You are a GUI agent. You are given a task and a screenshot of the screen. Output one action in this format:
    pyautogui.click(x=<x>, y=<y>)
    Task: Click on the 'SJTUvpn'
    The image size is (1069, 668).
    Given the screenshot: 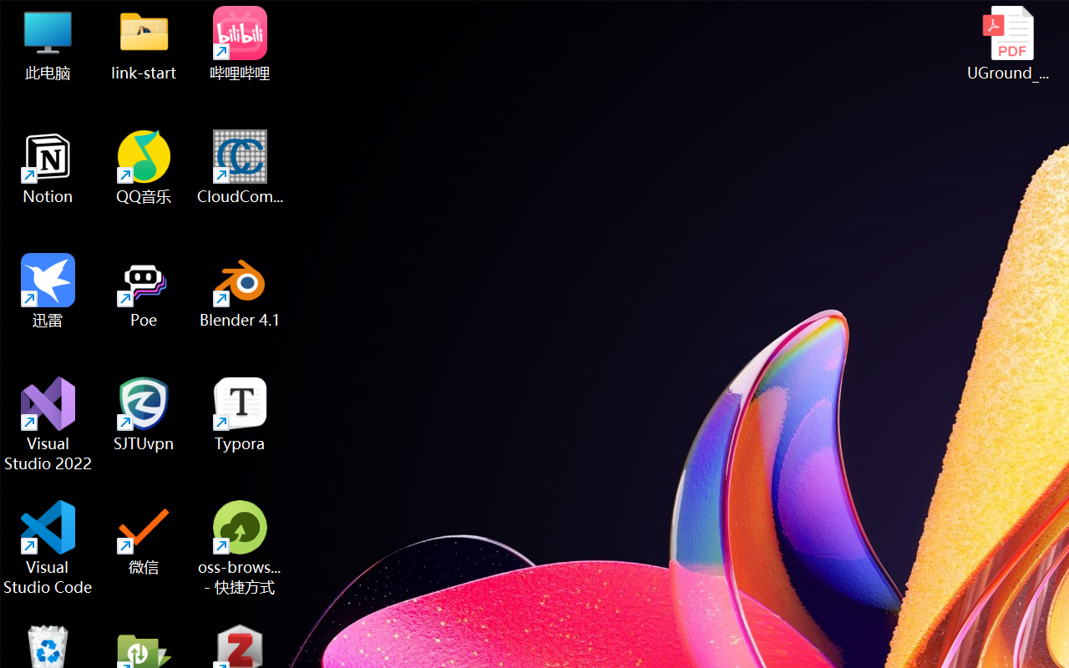 What is the action you would take?
    pyautogui.click(x=144, y=414)
    